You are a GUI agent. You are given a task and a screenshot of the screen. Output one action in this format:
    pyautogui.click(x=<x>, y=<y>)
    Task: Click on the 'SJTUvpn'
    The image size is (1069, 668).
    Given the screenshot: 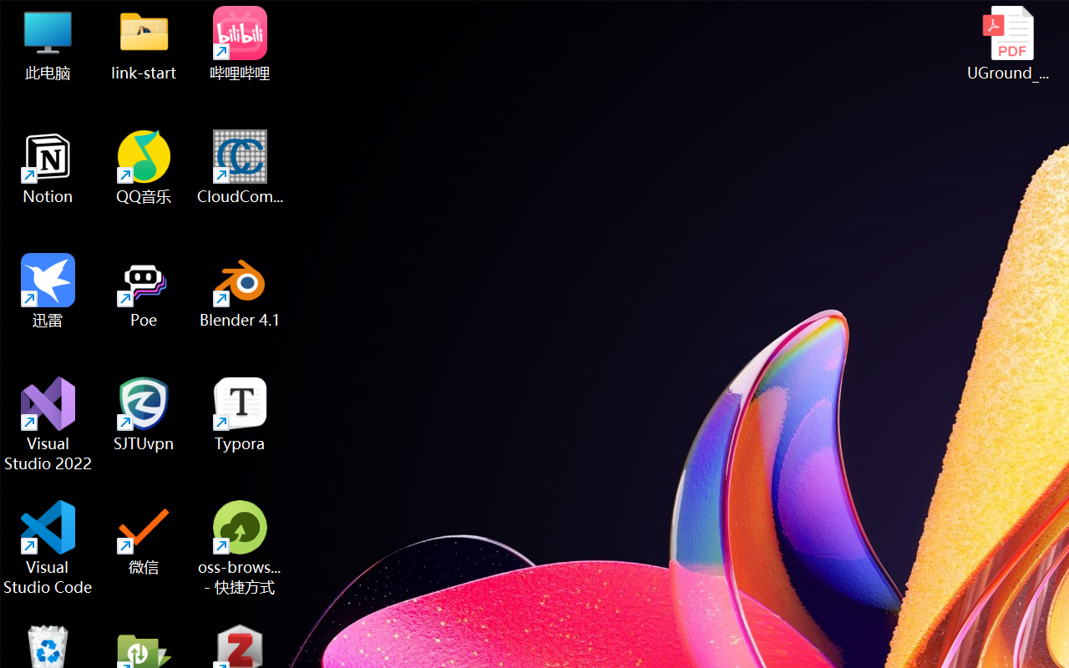 What is the action you would take?
    pyautogui.click(x=144, y=414)
    